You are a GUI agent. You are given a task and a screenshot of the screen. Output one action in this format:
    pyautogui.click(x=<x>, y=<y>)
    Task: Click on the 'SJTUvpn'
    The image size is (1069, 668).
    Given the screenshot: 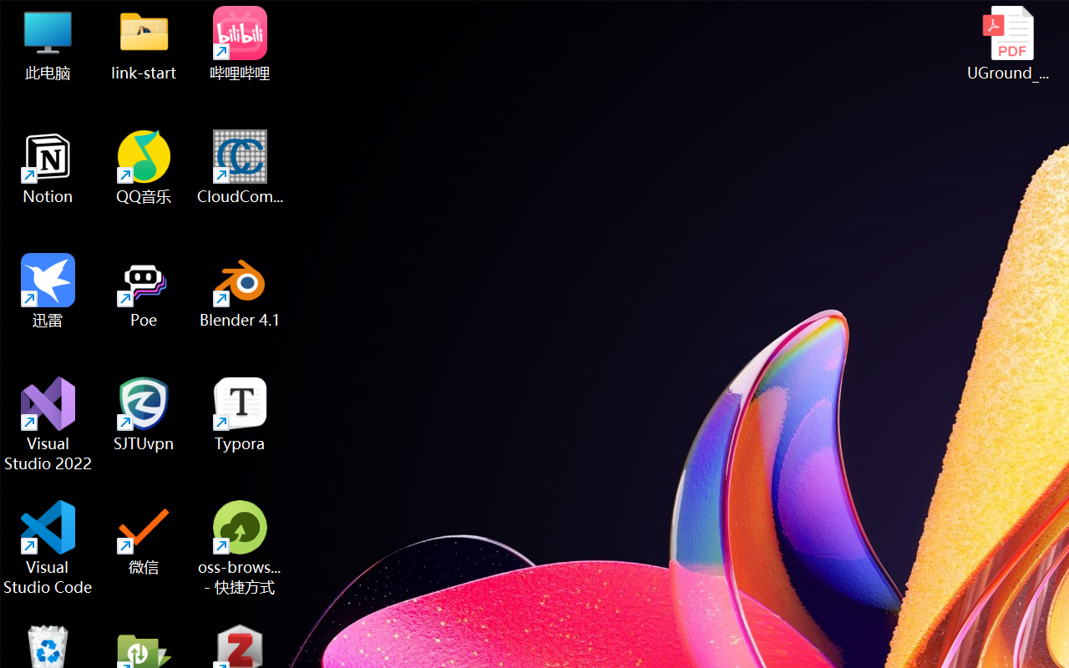 What is the action you would take?
    pyautogui.click(x=144, y=414)
    